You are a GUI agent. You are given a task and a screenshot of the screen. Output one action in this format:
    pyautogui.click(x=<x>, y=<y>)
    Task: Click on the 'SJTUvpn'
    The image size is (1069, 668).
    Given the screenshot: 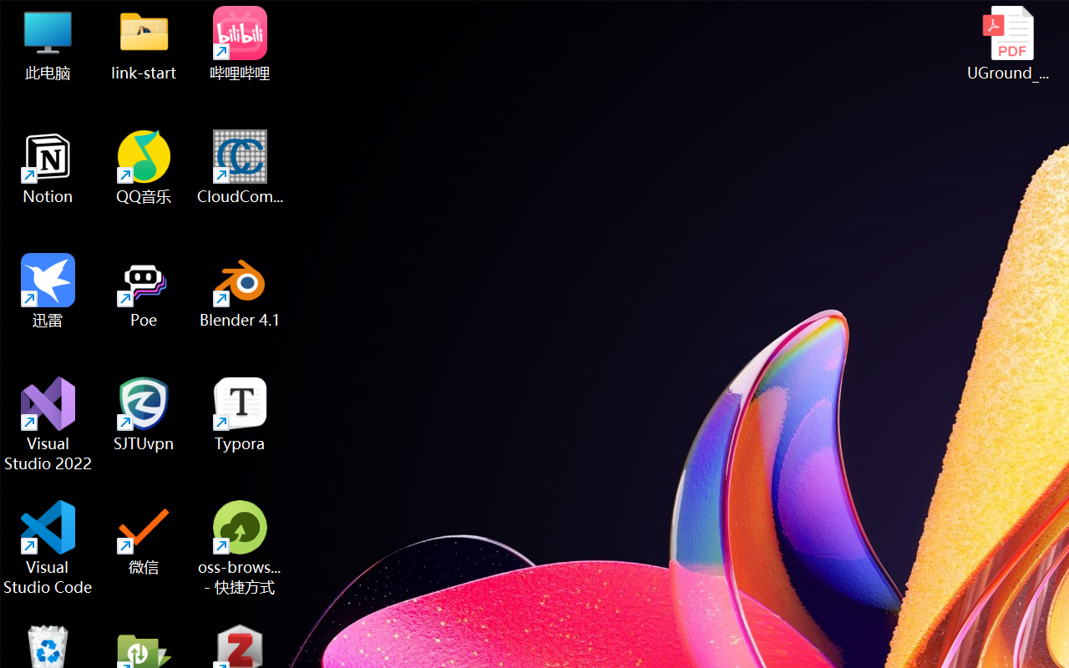 What is the action you would take?
    pyautogui.click(x=144, y=414)
    